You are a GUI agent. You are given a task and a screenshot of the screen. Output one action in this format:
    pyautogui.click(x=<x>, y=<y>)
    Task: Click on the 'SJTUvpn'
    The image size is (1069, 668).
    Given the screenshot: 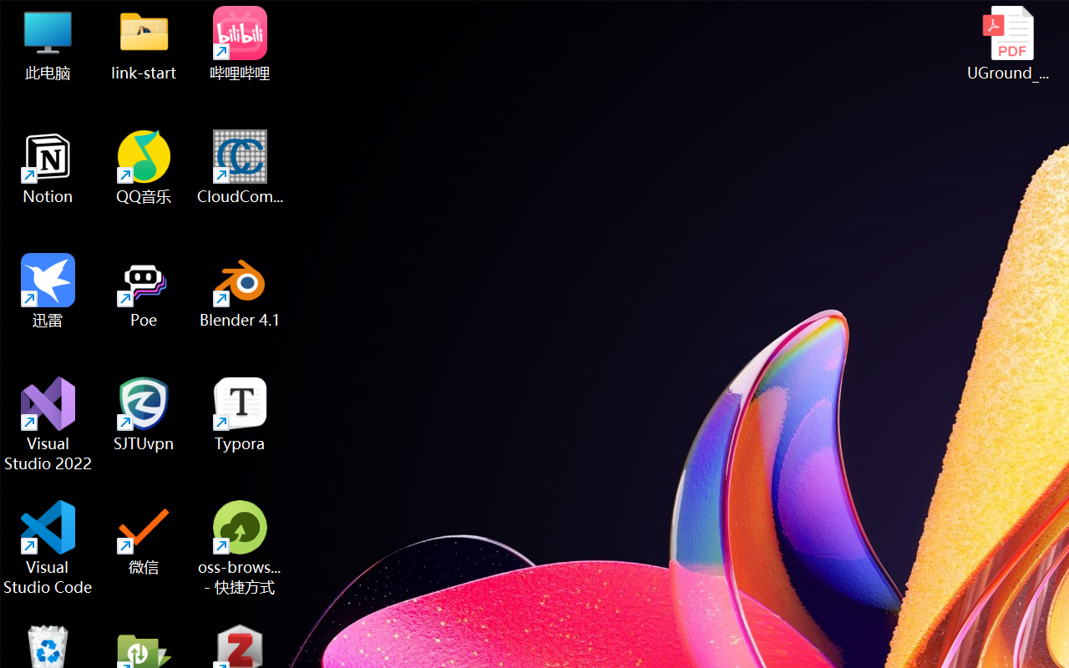 What is the action you would take?
    pyautogui.click(x=144, y=414)
    